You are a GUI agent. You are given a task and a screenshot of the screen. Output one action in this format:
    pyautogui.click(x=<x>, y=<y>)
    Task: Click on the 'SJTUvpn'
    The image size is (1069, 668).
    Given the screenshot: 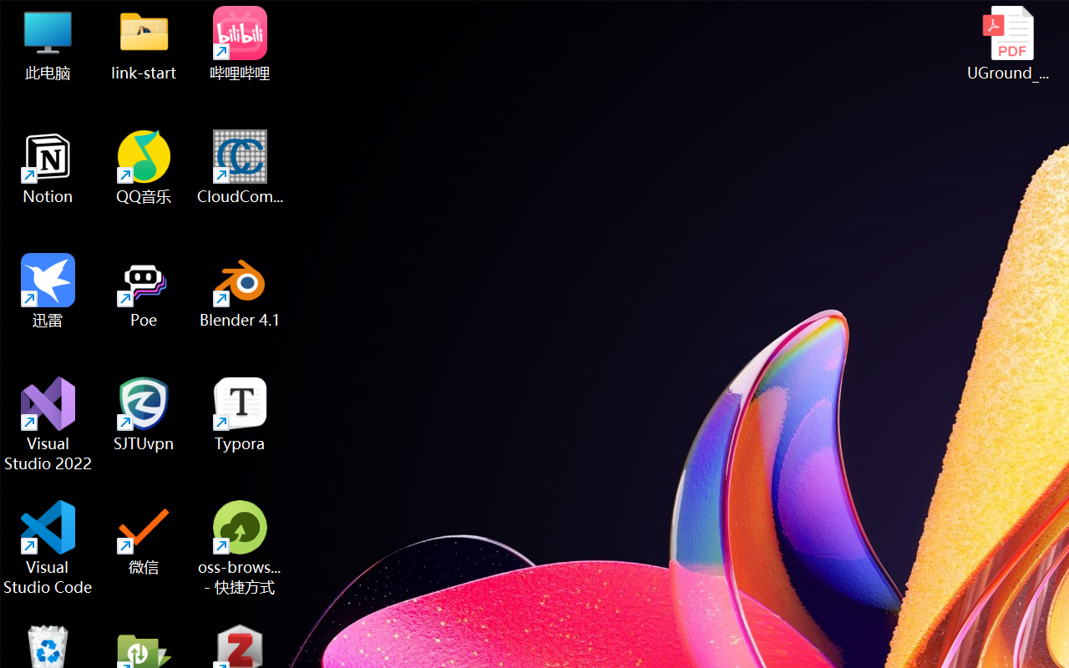 What is the action you would take?
    pyautogui.click(x=144, y=414)
    